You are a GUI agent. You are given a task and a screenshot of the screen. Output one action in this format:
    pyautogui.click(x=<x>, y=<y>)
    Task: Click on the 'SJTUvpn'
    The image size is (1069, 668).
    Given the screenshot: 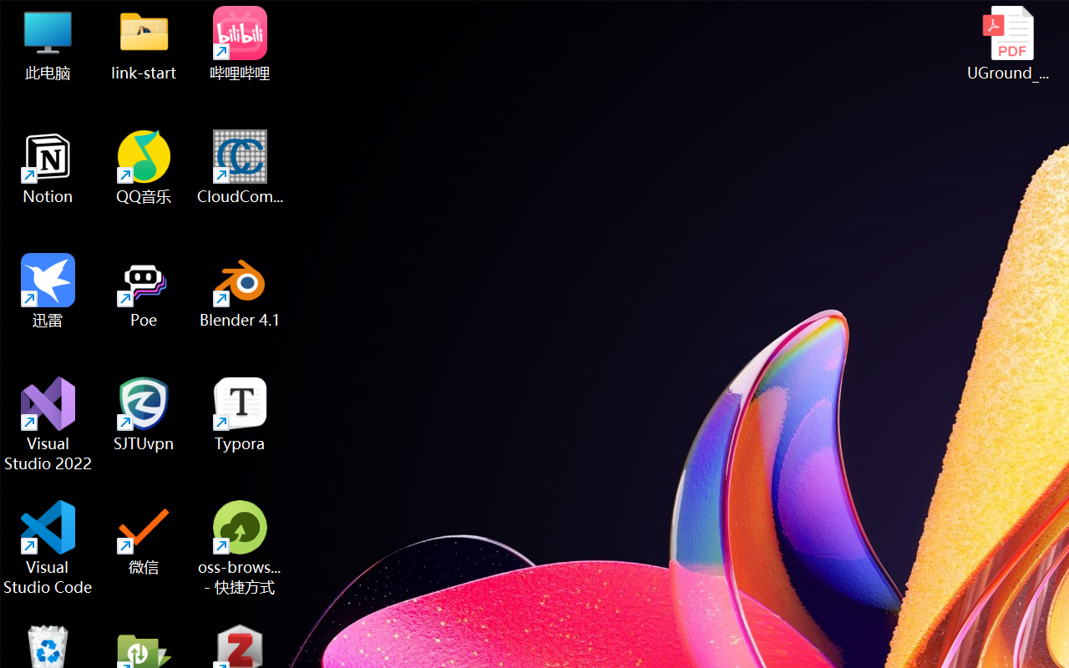 What is the action you would take?
    pyautogui.click(x=144, y=414)
    